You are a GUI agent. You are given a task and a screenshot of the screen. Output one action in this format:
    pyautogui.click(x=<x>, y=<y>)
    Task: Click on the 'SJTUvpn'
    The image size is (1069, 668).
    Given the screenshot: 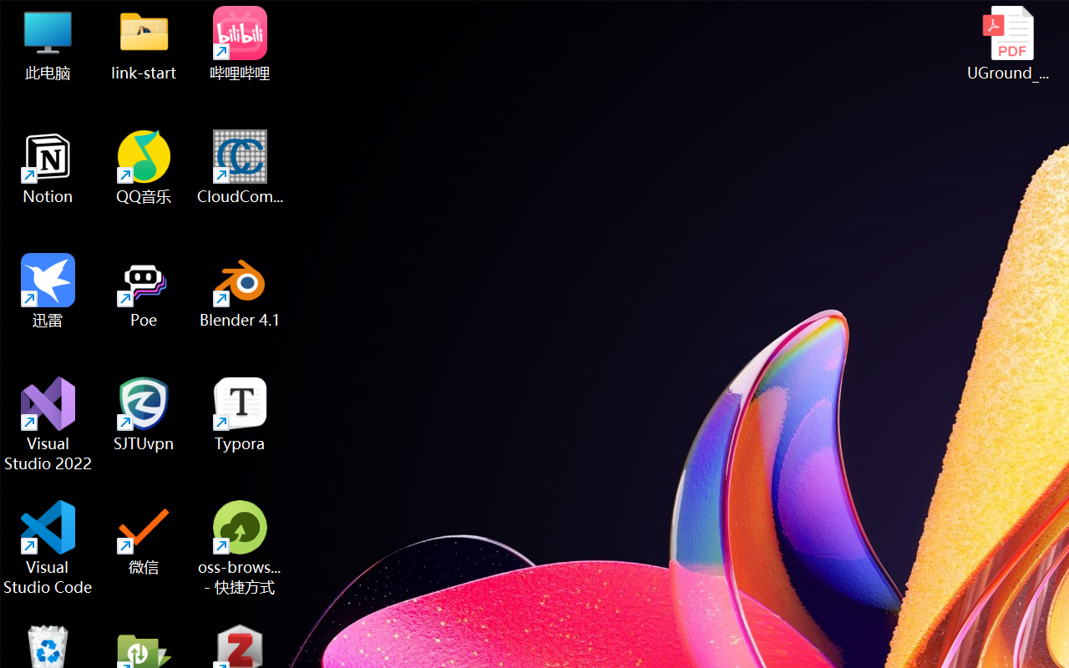 What is the action you would take?
    pyautogui.click(x=144, y=414)
    